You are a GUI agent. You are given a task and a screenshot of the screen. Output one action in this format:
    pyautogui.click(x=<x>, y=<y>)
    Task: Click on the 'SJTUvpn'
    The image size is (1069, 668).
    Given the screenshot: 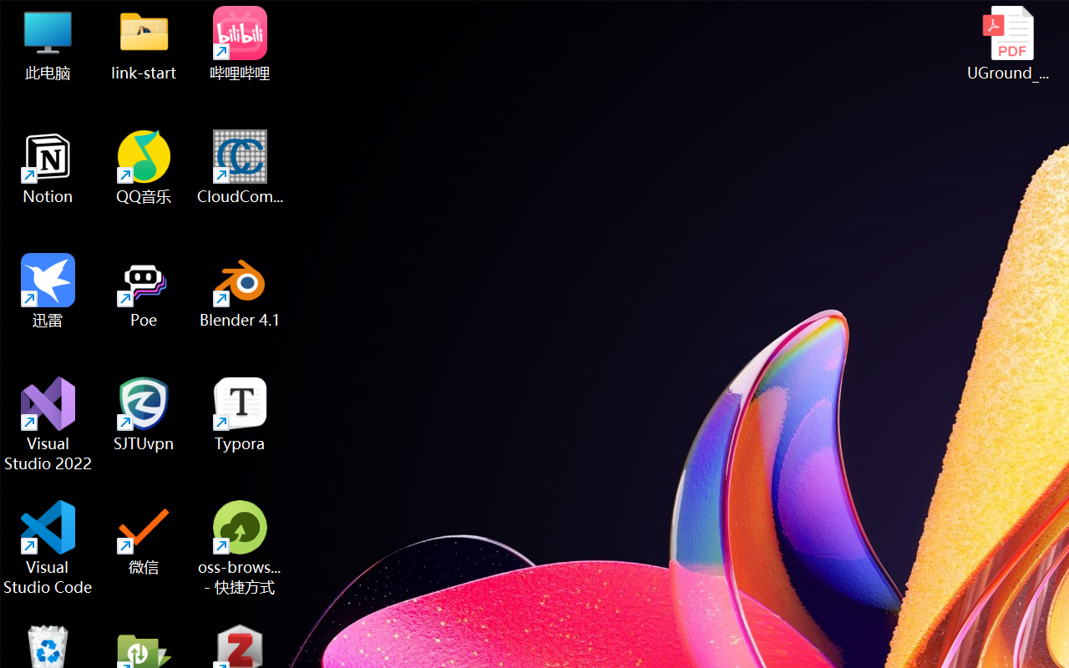 What is the action you would take?
    pyautogui.click(x=144, y=414)
    